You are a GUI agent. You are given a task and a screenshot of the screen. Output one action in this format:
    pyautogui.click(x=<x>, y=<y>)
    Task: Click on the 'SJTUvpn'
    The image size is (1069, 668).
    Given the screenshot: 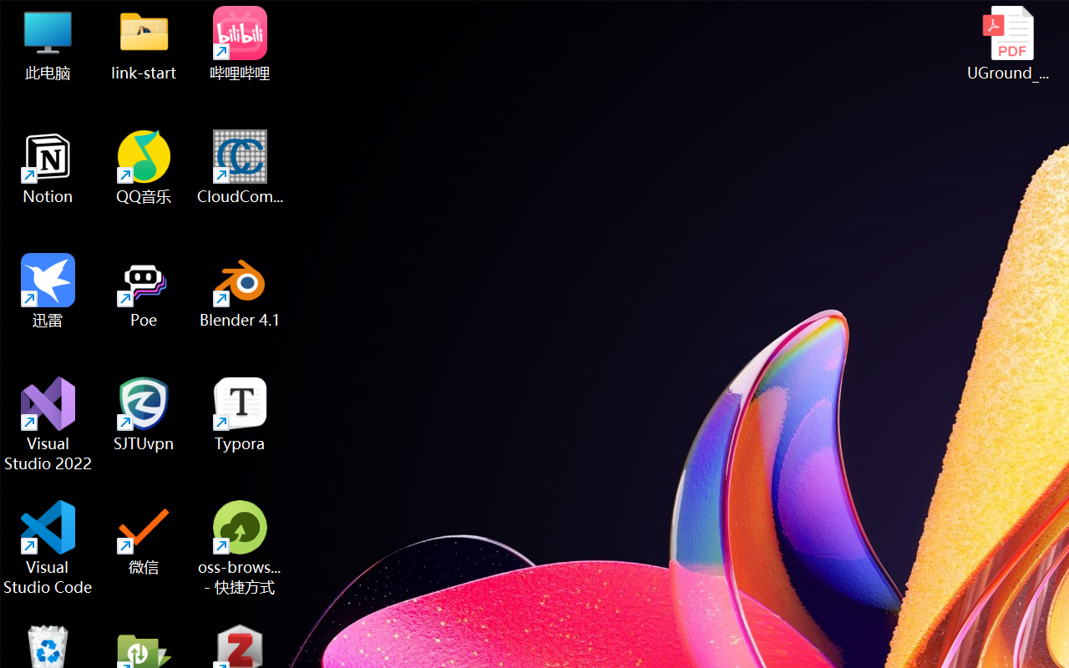 What is the action you would take?
    pyautogui.click(x=144, y=414)
    